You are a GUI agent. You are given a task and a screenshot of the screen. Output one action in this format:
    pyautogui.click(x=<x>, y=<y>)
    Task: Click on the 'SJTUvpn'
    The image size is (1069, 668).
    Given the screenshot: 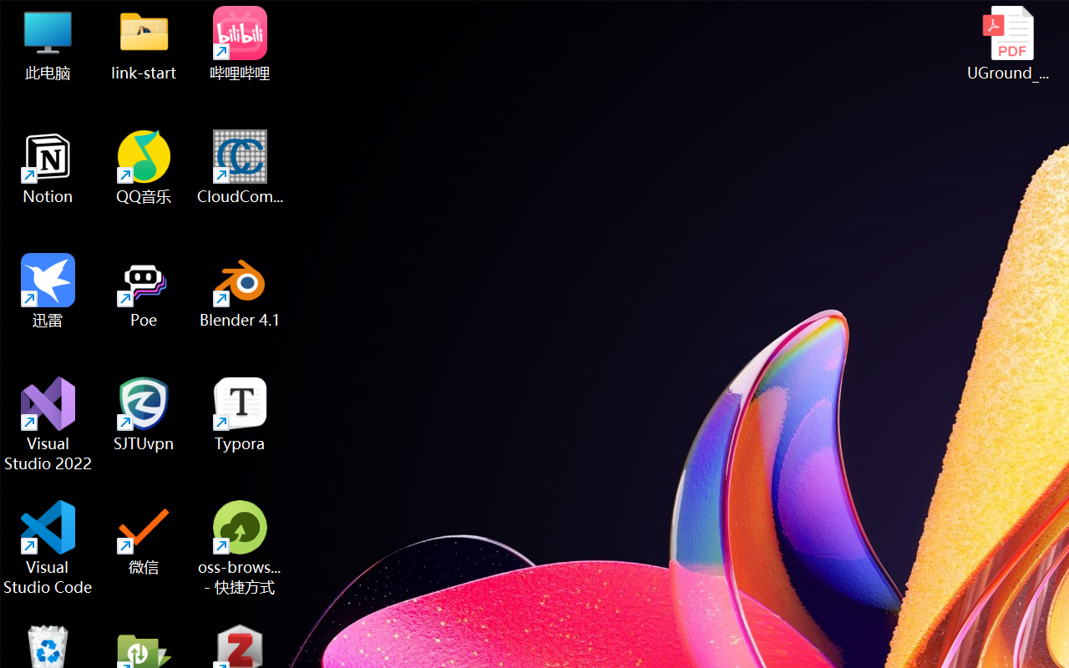 What is the action you would take?
    pyautogui.click(x=144, y=414)
    